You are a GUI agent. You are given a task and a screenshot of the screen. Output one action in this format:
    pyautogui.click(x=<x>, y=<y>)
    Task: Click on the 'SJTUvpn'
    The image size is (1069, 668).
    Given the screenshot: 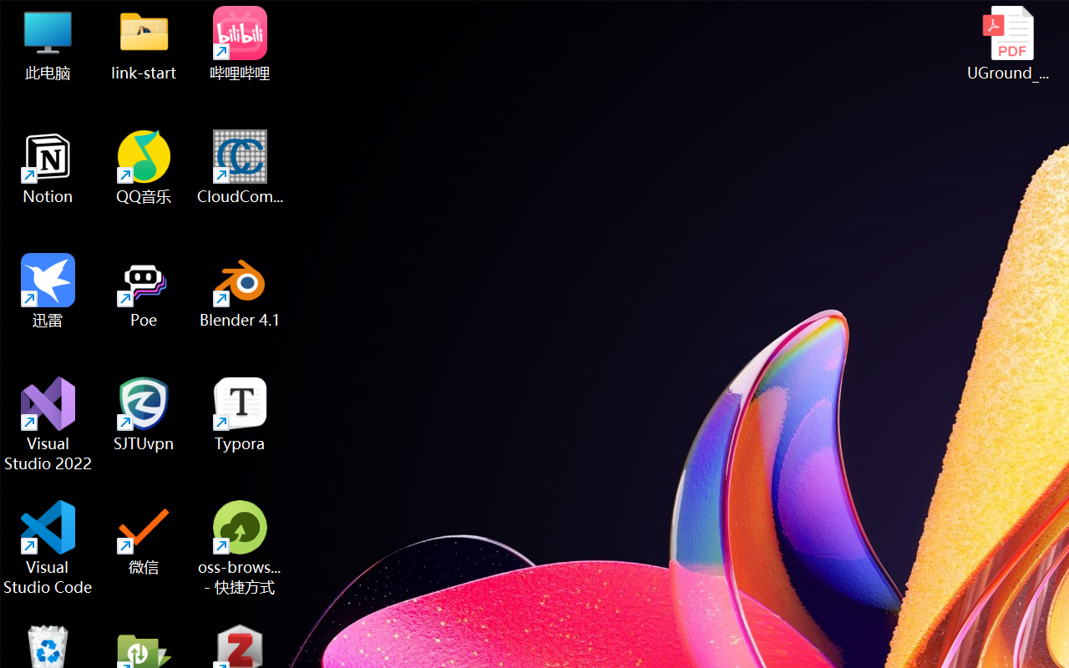 What is the action you would take?
    pyautogui.click(x=144, y=414)
    